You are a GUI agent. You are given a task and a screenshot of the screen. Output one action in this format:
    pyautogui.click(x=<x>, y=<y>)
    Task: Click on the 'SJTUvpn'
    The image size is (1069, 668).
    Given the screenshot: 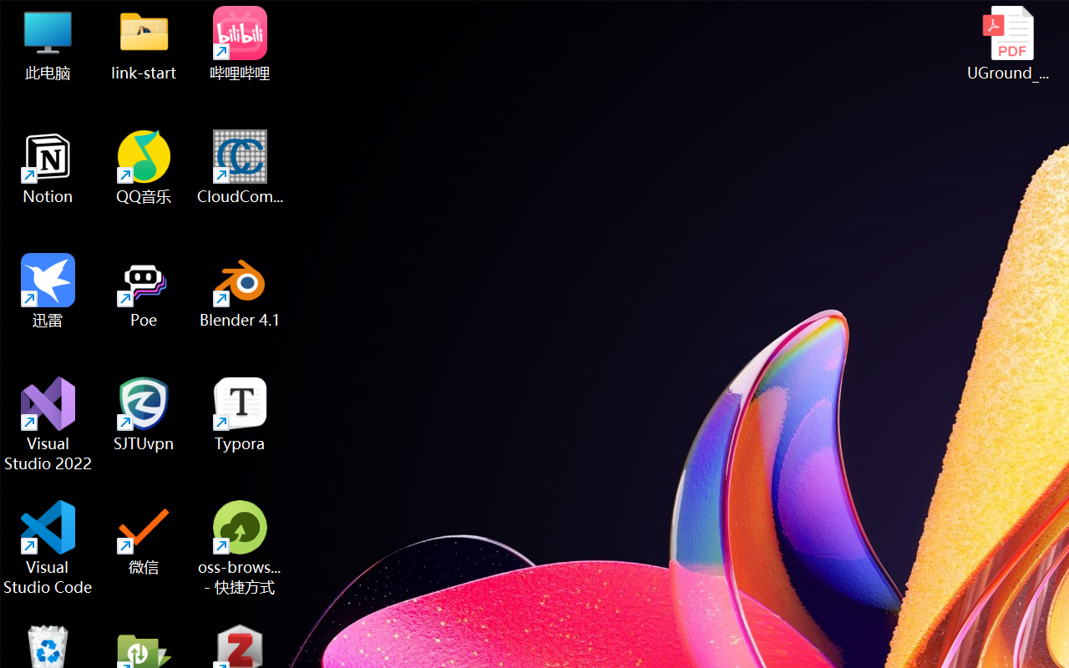 What is the action you would take?
    pyautogui.click(x=144, y=414)
    